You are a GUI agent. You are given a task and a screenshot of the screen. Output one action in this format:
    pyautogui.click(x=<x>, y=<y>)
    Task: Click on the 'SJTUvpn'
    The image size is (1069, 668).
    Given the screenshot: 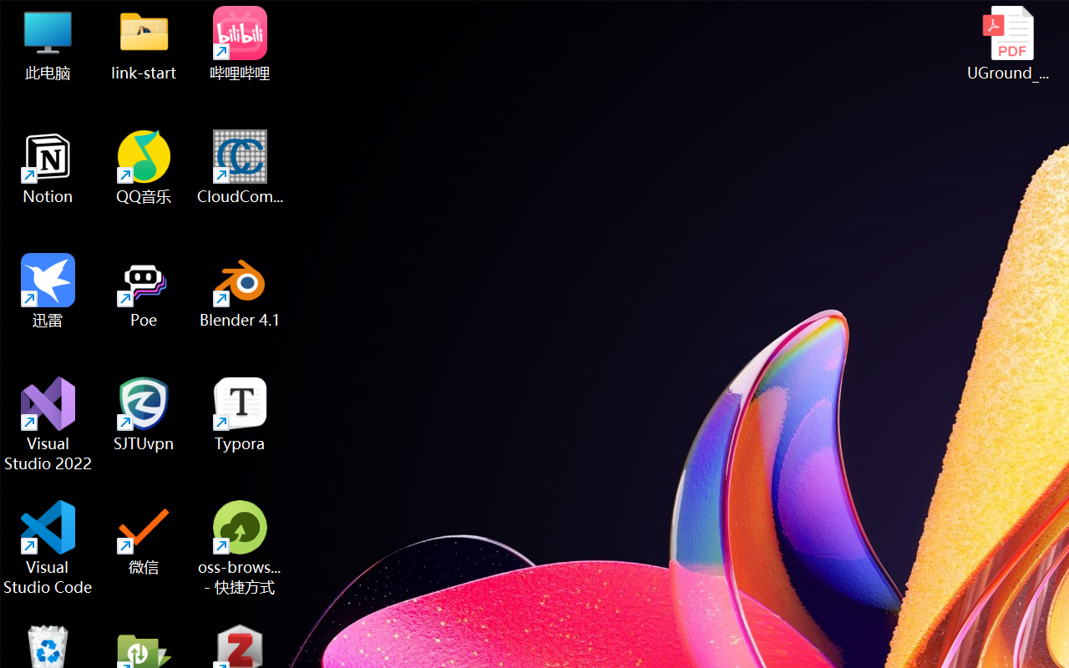 What is the action you would take?
    pyautogui.click(x=144, y=414)
    